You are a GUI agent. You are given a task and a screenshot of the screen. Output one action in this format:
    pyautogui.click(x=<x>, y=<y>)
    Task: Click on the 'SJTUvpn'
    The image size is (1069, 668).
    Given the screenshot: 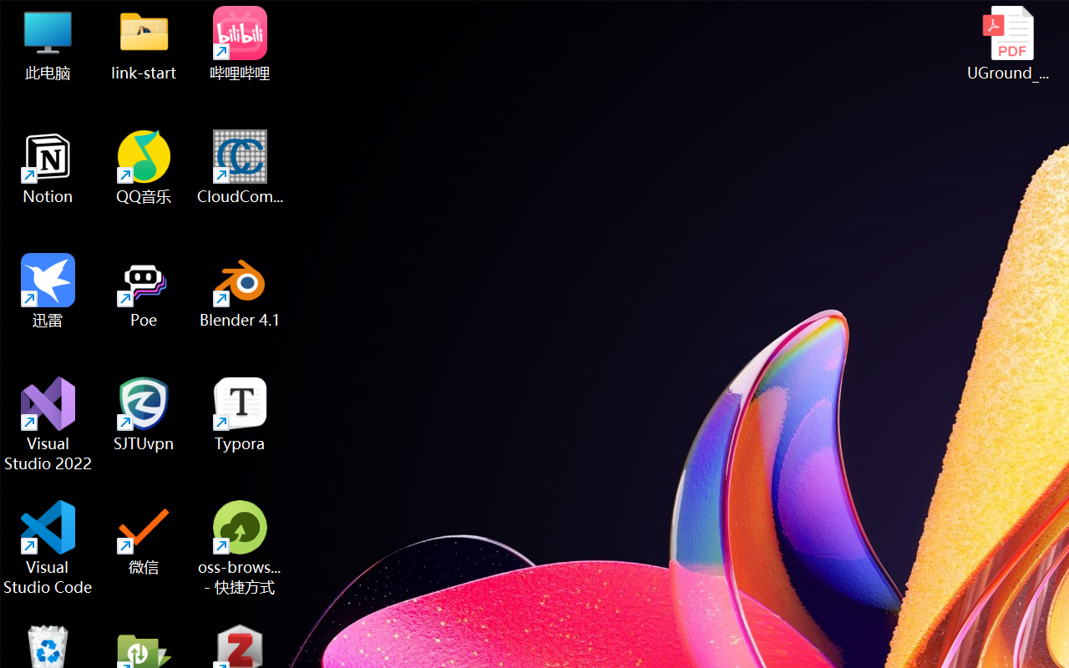 What is the action you would take?
    pyautogui.click(x=144, y=414)
    